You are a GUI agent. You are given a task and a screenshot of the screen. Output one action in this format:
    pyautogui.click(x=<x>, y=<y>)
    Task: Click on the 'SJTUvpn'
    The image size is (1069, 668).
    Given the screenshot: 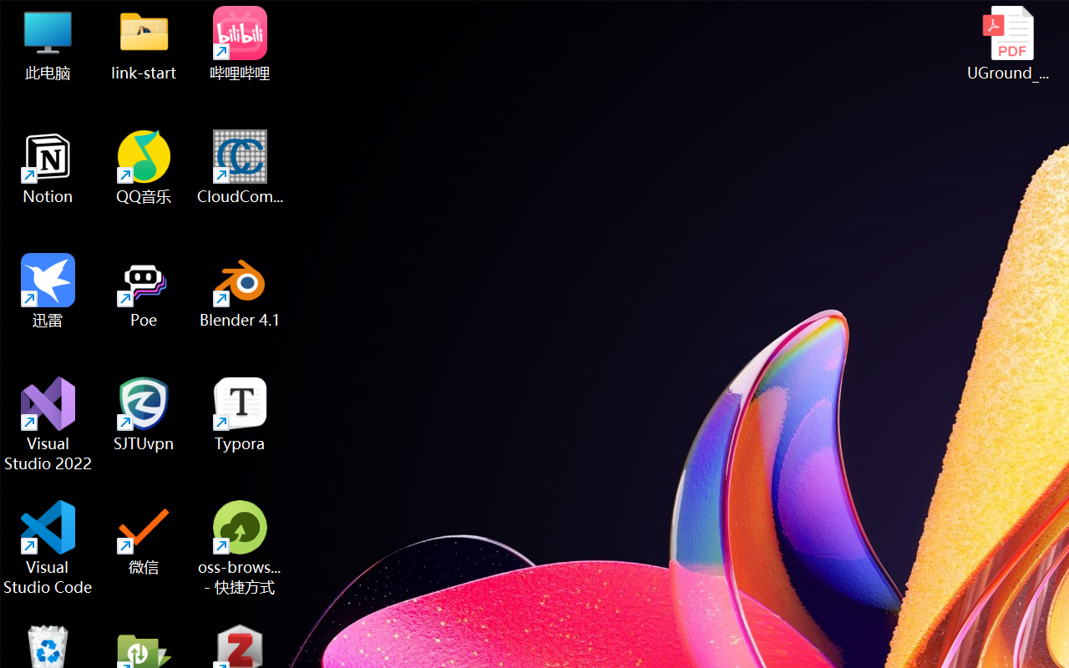 What is the action you would take?
    pyautogui.click(x=144, y=414)
    